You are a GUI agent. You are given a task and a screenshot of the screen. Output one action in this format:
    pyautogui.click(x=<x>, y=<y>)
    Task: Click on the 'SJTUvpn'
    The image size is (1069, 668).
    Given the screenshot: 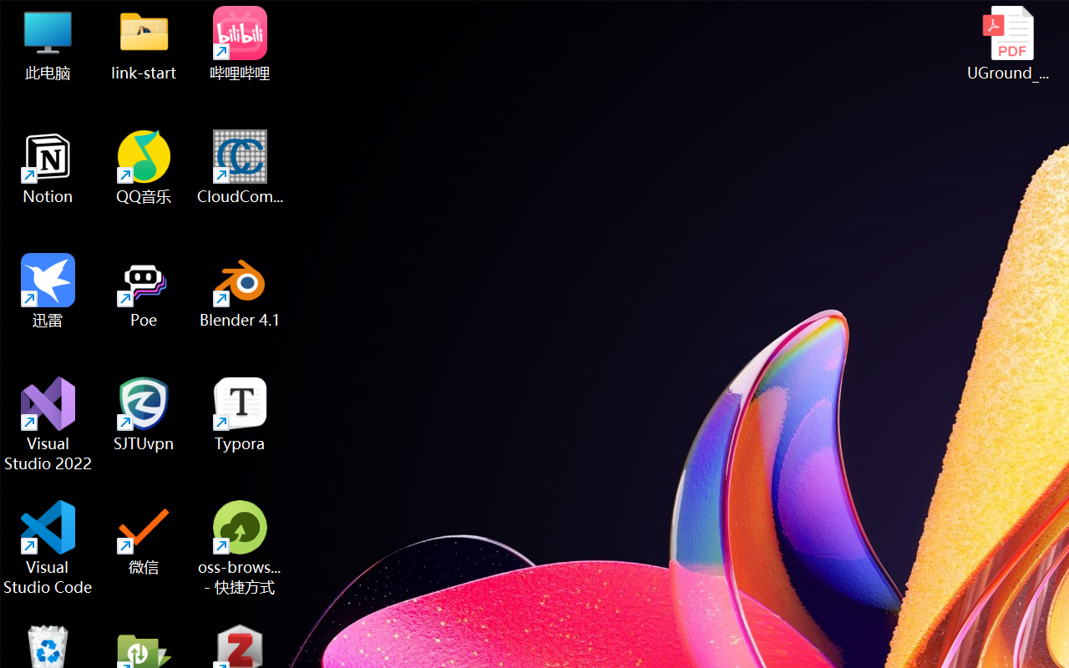 What is the action you would take?
    pyautogui.click(x=144, y=414)
    